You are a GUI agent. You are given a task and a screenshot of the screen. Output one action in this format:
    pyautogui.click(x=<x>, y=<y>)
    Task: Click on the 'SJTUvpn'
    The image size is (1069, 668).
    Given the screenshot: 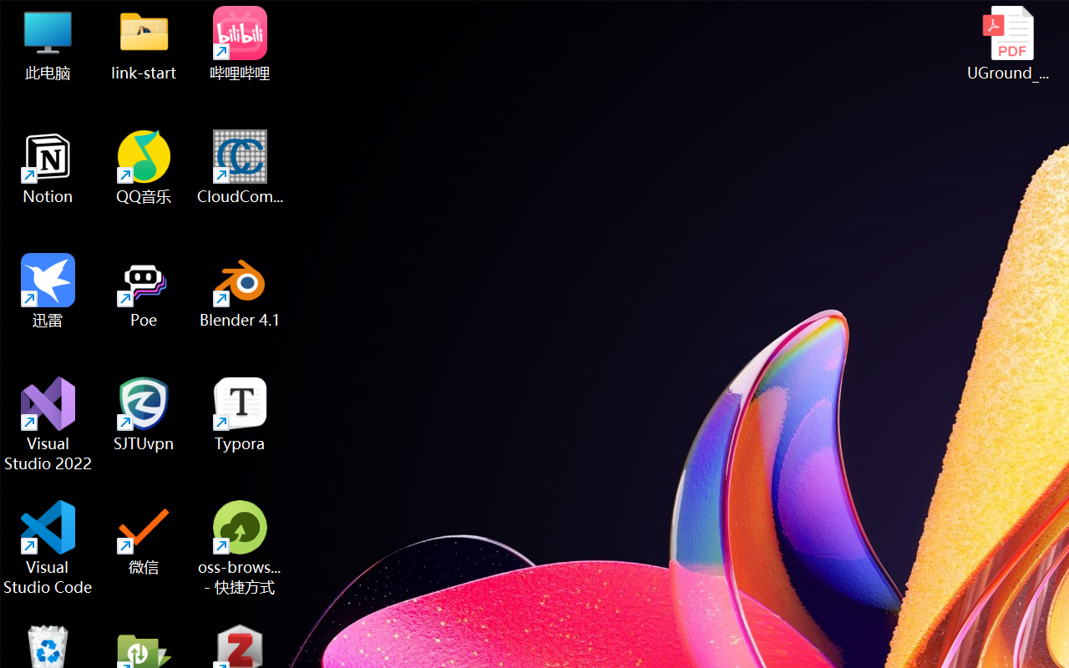 What is the action you would take?
    pyautogui.click(x=144, y=414)
    